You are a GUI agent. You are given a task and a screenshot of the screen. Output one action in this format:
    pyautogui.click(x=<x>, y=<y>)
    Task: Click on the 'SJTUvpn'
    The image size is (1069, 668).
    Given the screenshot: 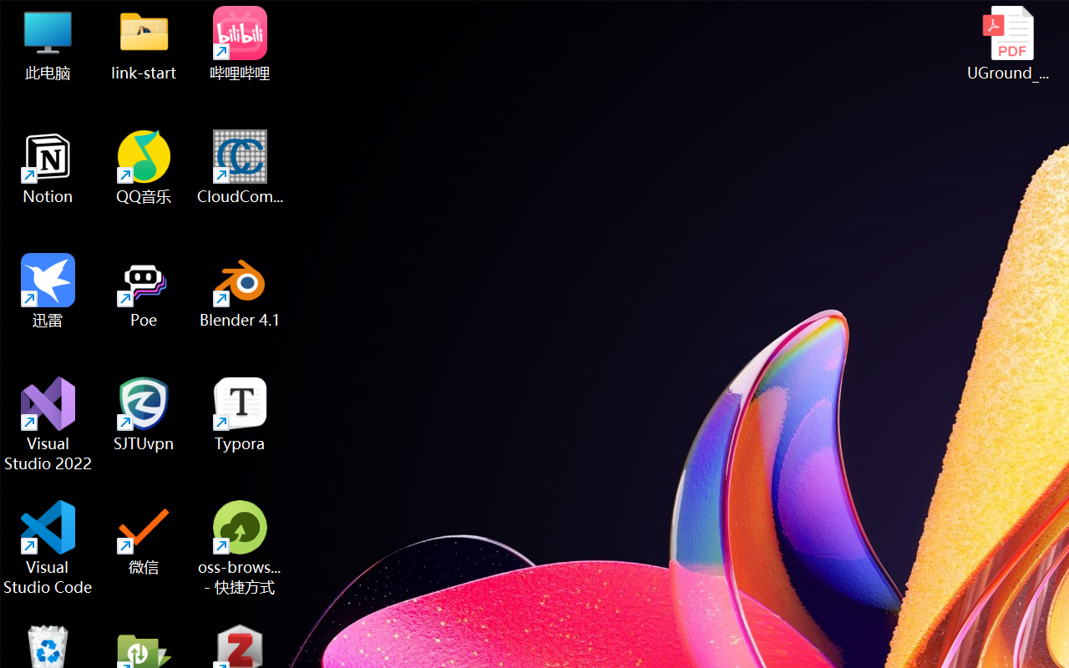 What is the action you would take?
    pyautogui.click(x=144, y=414)
    